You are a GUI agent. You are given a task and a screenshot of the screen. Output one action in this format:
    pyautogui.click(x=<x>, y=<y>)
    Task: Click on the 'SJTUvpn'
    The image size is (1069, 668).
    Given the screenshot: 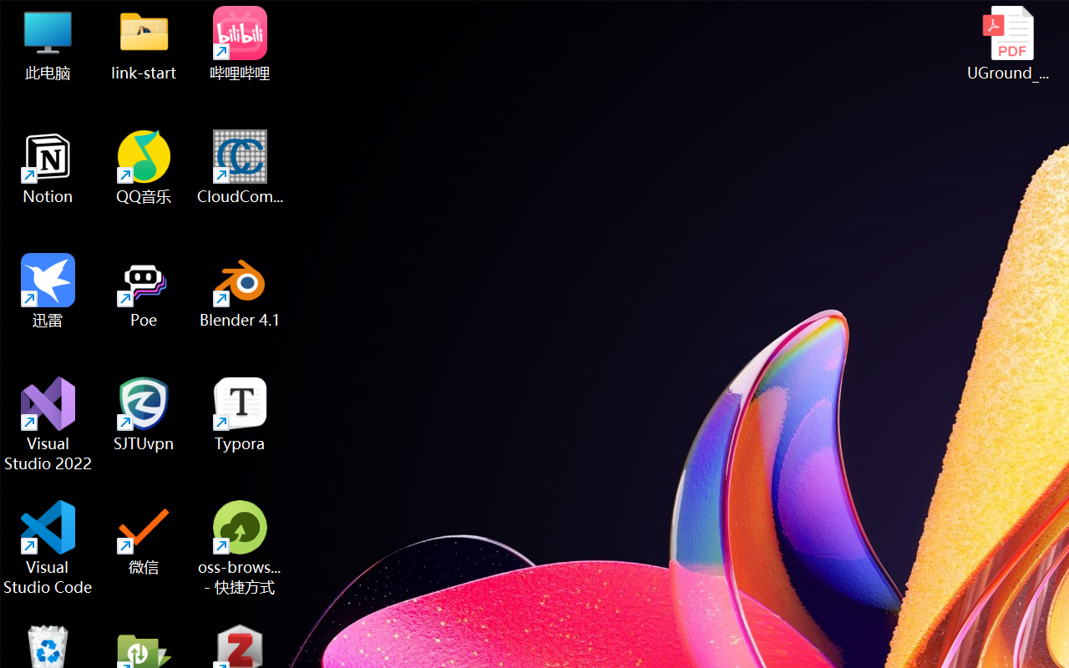 What is the action you would take?
    pyautogui.click(x=144, y=414)
    